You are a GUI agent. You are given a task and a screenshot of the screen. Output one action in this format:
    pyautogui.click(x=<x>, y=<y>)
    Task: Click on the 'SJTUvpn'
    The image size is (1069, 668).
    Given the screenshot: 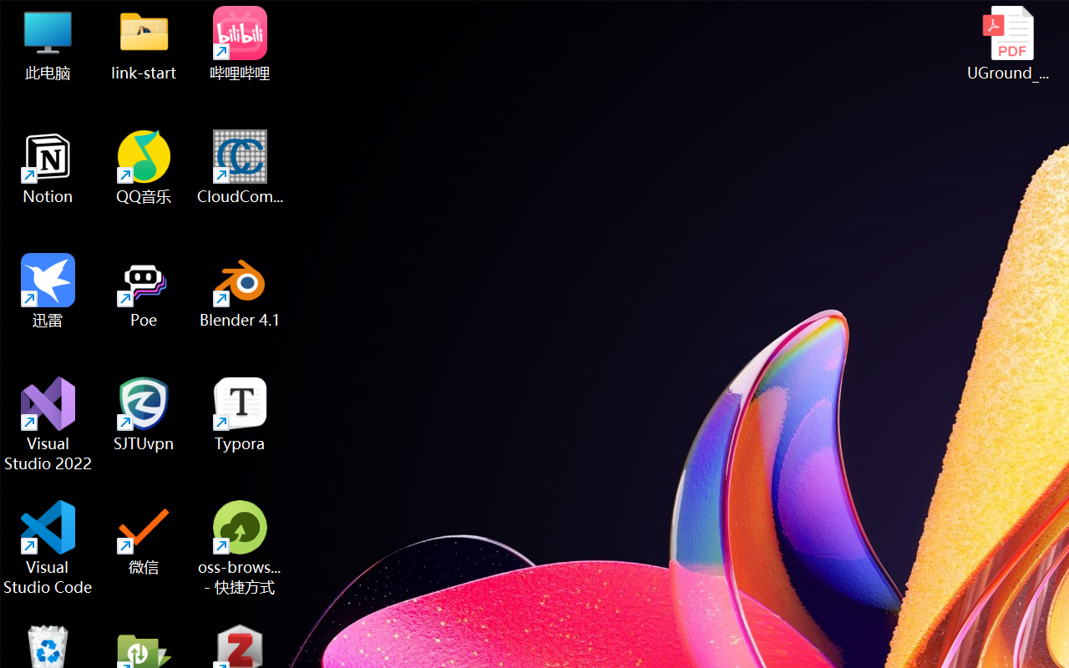 What is the action you would take?
    pyautogui.click(x=144, y=414)
    